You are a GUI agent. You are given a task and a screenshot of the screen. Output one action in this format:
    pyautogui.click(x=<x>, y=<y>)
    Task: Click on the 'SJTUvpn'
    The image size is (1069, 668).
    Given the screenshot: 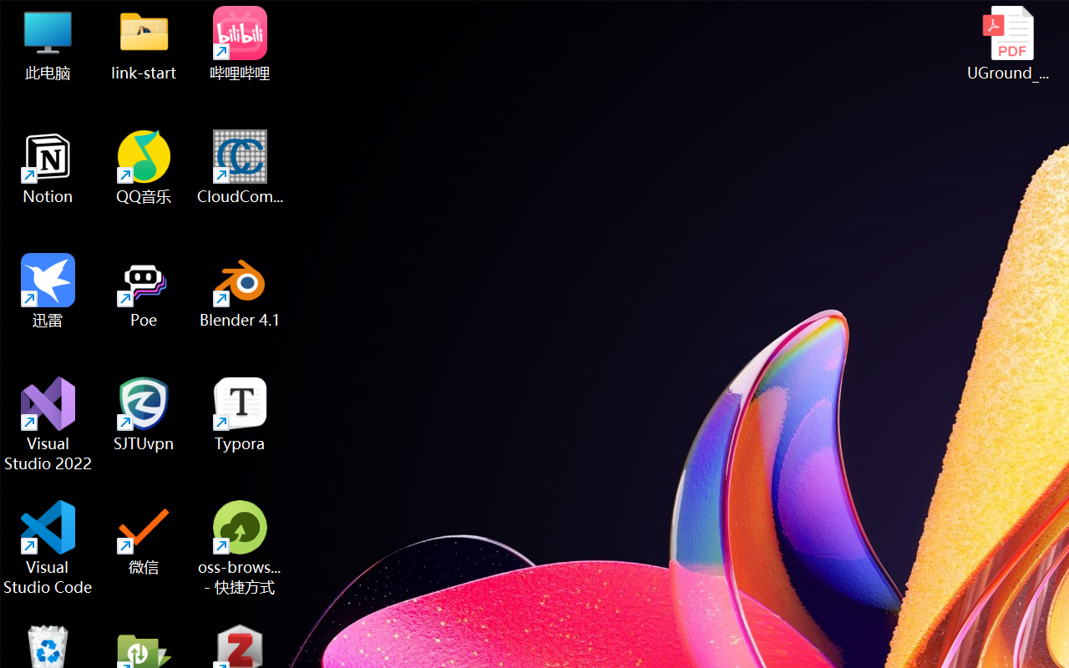 What is the action you would take?
    pyautogui.click(x=144, y=414)
    